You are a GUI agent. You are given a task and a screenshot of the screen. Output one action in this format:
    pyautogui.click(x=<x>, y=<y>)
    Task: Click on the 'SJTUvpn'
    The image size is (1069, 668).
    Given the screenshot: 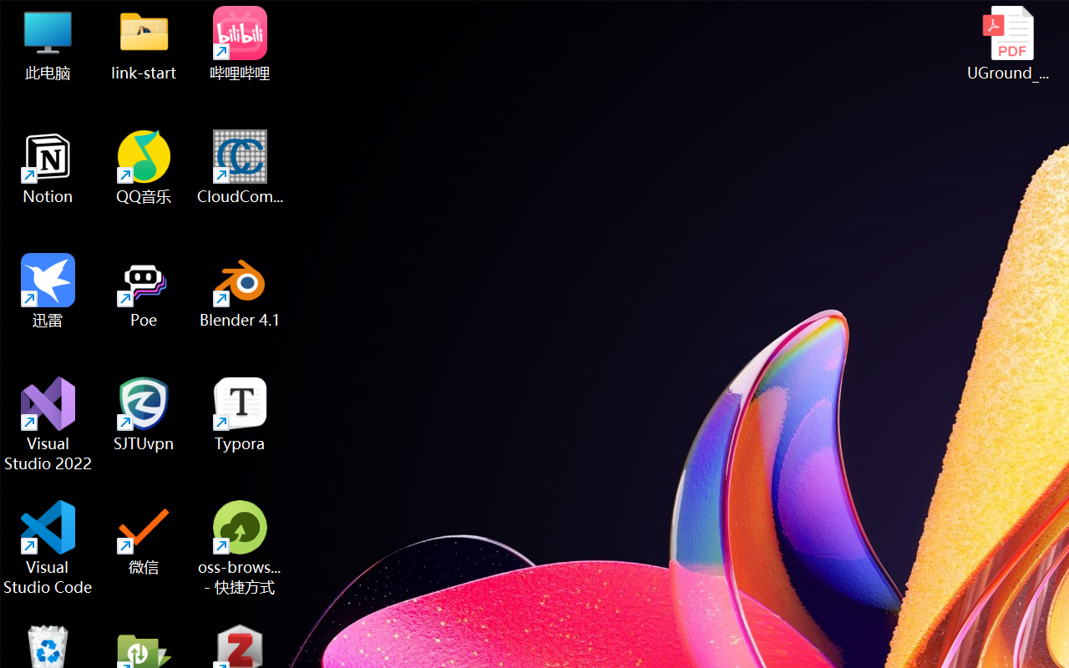 What is the action you would take?
    pyautogui.click(x=144, y=414)
    